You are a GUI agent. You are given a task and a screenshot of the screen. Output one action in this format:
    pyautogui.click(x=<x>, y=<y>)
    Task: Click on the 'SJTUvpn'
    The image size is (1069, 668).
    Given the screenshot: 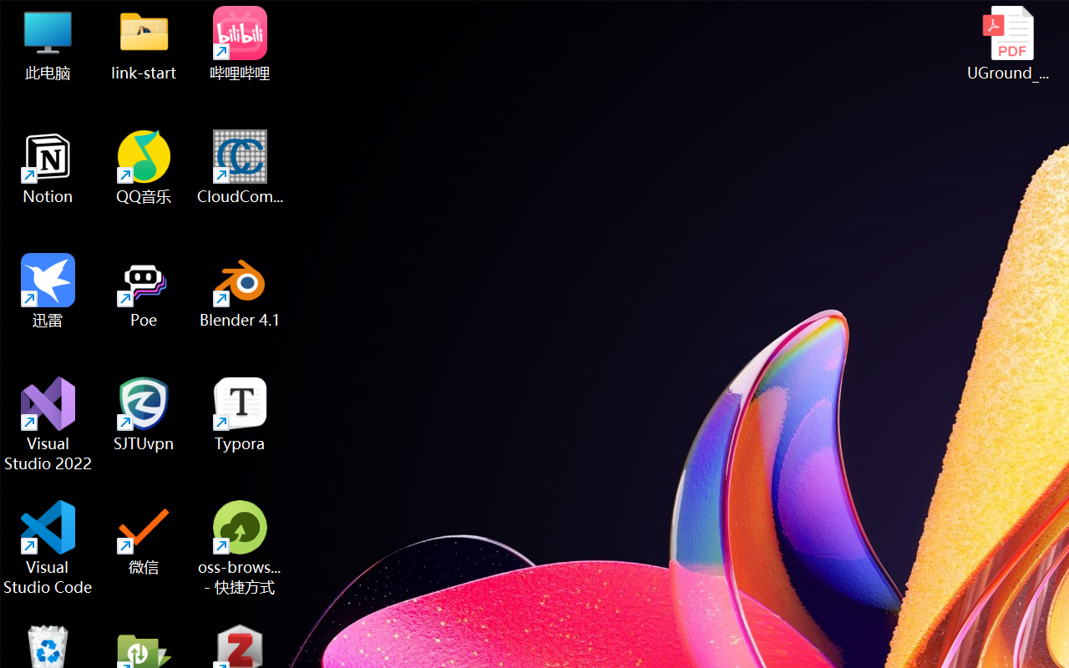 What is the action you would take?
    pyautogui.click(x=144, y=414)
    